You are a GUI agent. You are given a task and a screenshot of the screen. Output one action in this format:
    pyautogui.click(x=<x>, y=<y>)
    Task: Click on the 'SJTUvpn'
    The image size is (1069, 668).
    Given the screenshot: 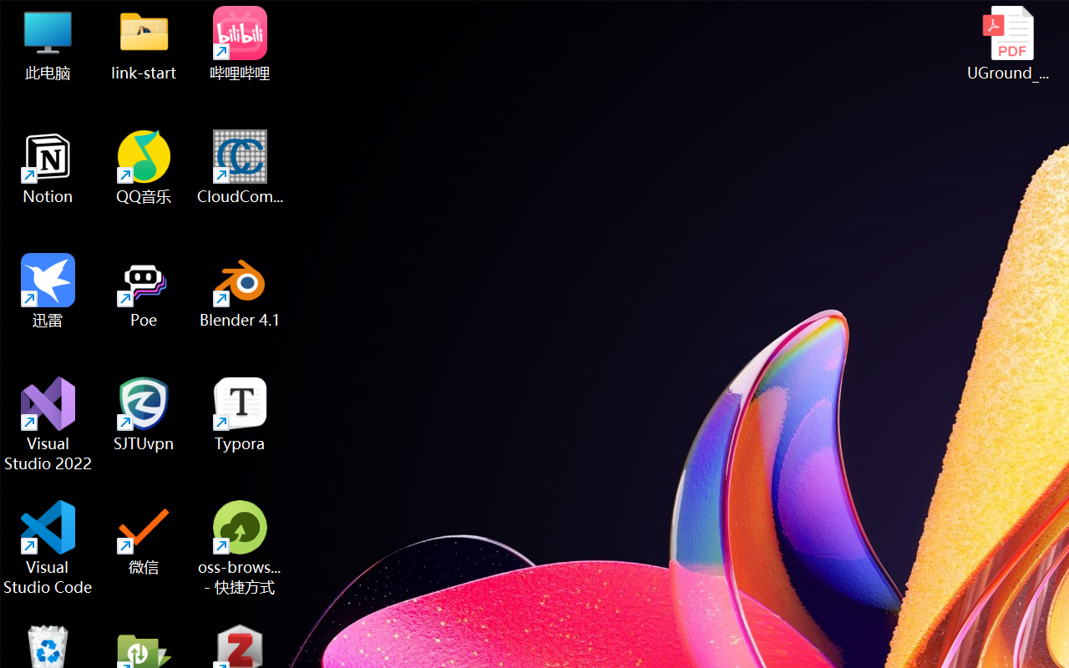 What is the action you would take?
    pyautogui.click(x=144, y=414)
    